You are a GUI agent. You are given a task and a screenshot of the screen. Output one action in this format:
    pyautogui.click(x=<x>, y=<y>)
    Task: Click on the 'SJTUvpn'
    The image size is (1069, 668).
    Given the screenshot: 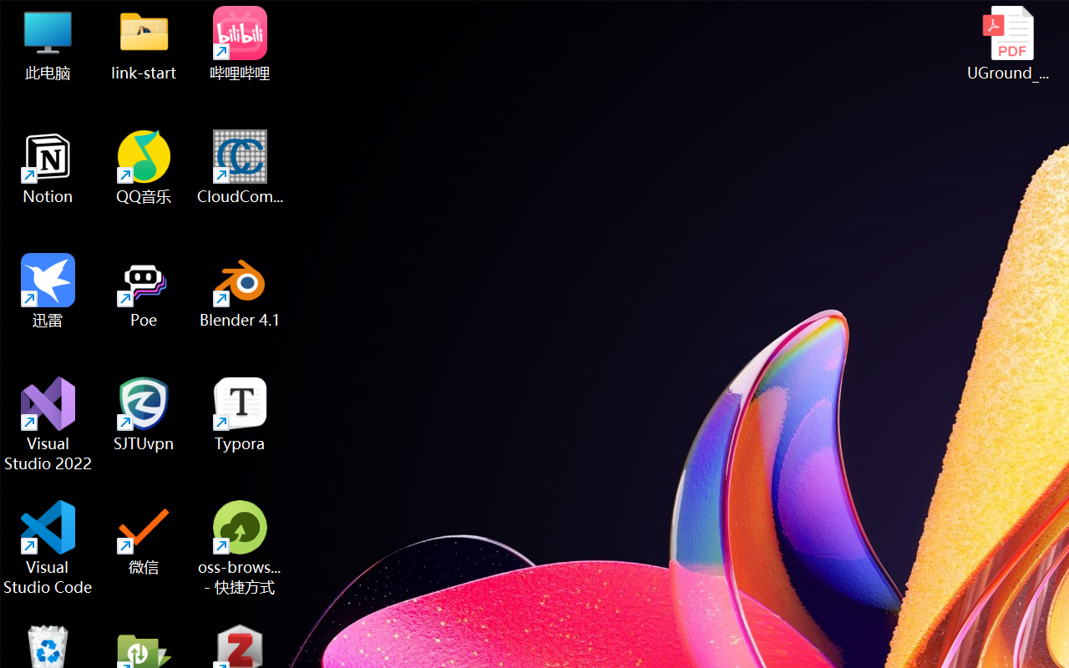 What is the action you would take?
    pyautogui.click(x=144, y=414)
    